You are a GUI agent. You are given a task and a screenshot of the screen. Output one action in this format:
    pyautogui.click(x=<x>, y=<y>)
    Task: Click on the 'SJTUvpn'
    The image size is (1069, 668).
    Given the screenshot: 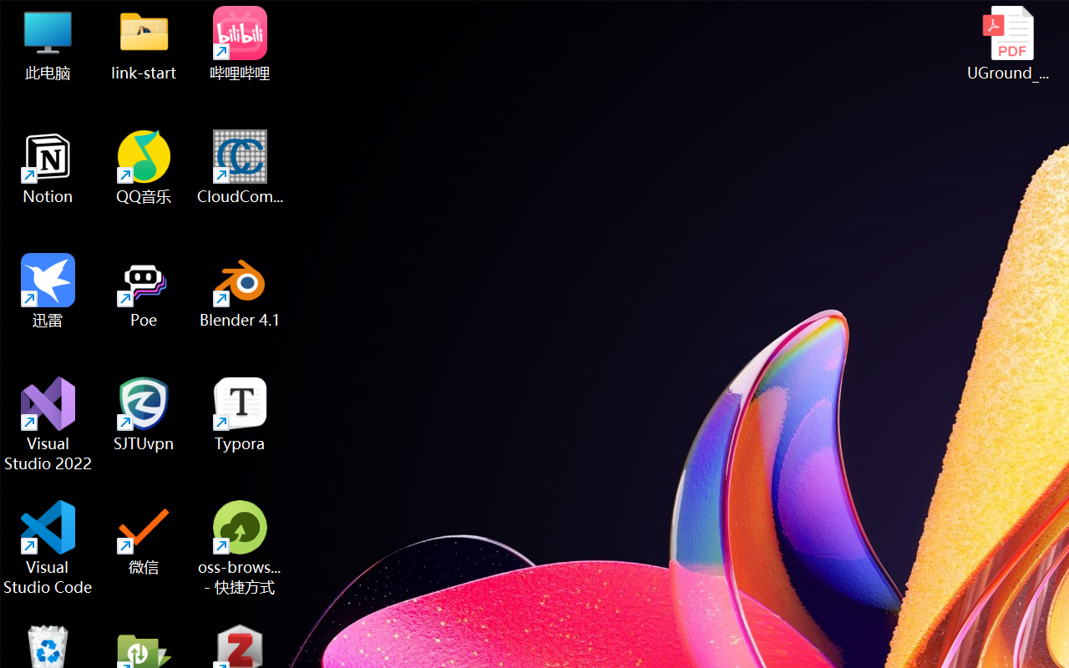 What is the action you would take?
    pyautogui.click(x=144, y=414)
    